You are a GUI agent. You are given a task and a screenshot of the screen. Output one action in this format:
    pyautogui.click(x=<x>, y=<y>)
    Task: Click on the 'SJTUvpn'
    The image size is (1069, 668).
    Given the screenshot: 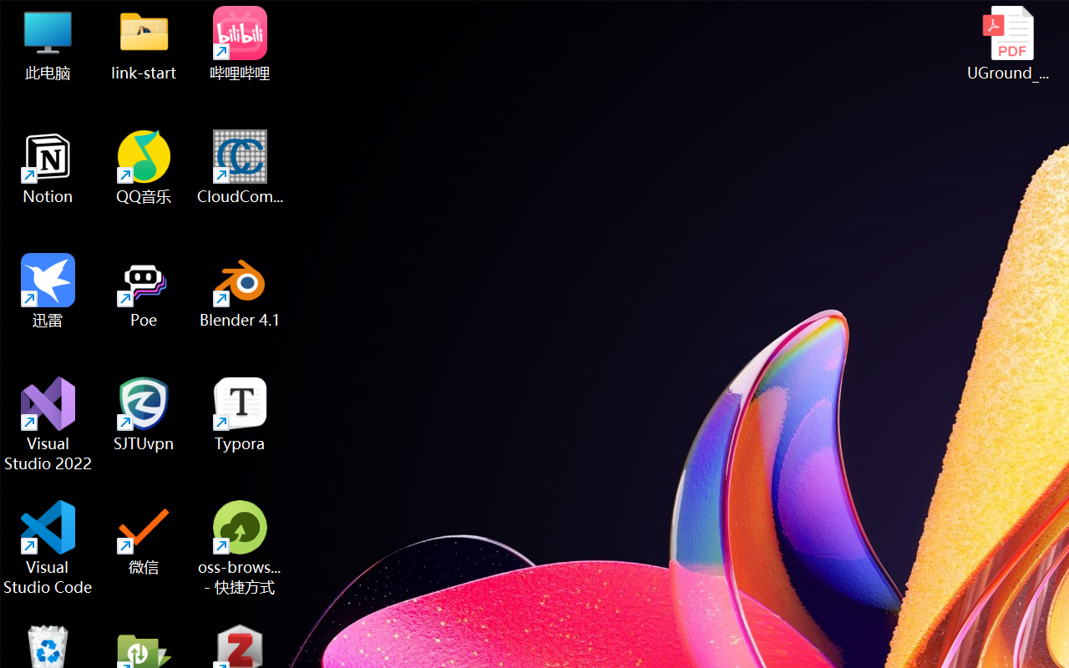 What is the action you would take?
    pyautogui.click(x=144, y=414)
    